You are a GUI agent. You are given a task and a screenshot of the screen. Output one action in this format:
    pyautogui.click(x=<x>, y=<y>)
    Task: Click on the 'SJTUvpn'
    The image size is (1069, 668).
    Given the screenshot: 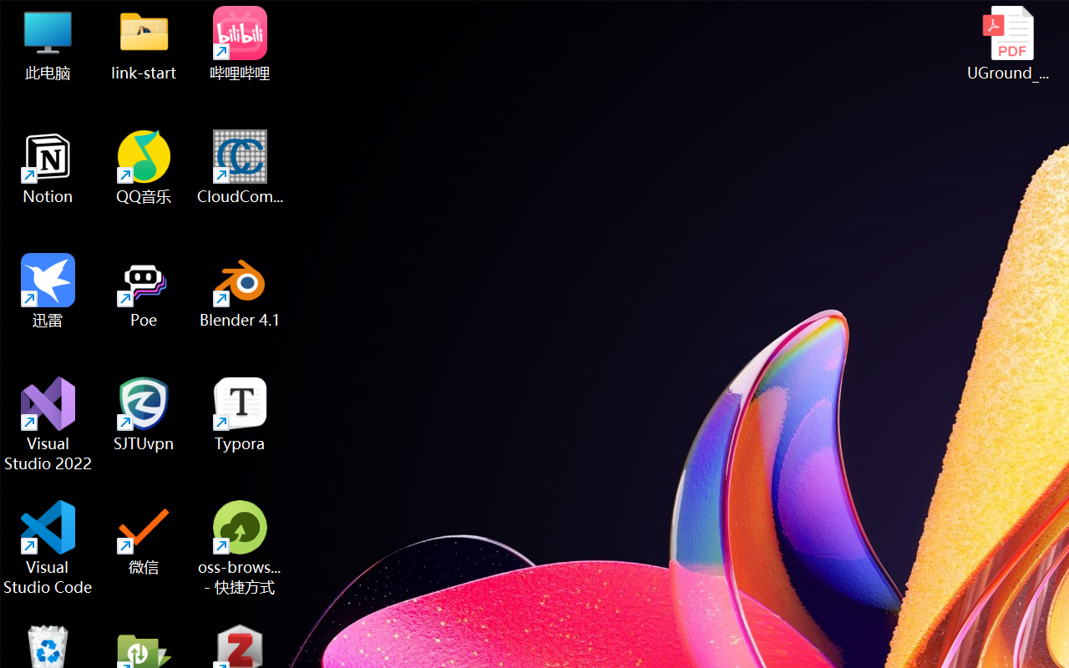 What is the action you would take?
    pyautogui.click(x=144, y=414)
    